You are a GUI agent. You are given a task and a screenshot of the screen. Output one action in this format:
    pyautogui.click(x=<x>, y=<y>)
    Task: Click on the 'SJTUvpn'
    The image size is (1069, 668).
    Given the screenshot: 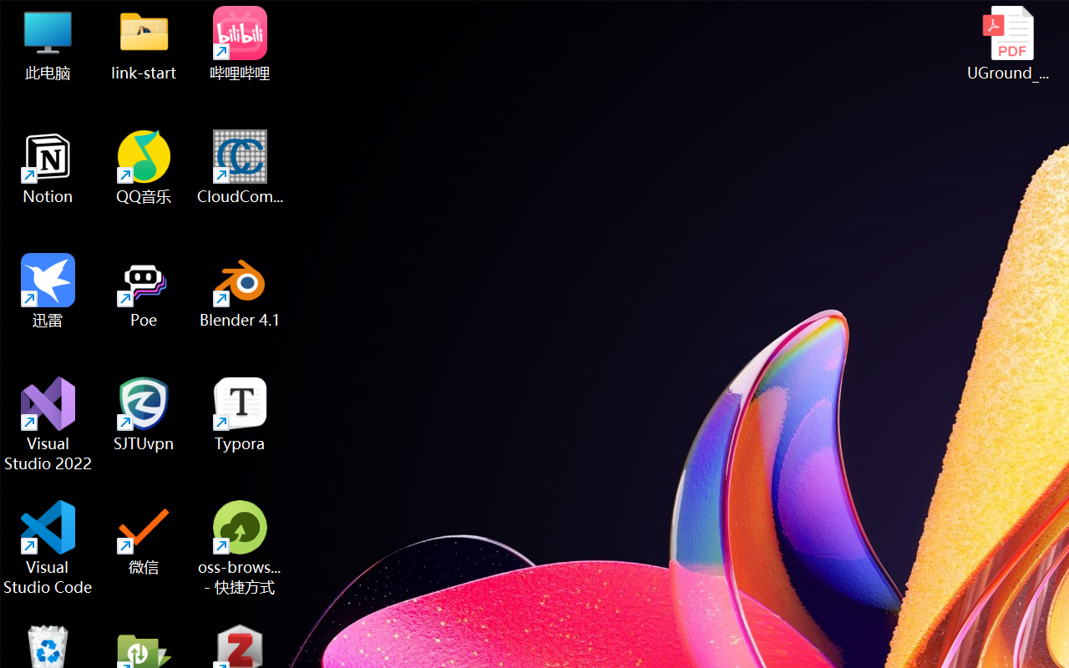 What is the action you would take?
    pyautogui.click(x=144, y=414)
    